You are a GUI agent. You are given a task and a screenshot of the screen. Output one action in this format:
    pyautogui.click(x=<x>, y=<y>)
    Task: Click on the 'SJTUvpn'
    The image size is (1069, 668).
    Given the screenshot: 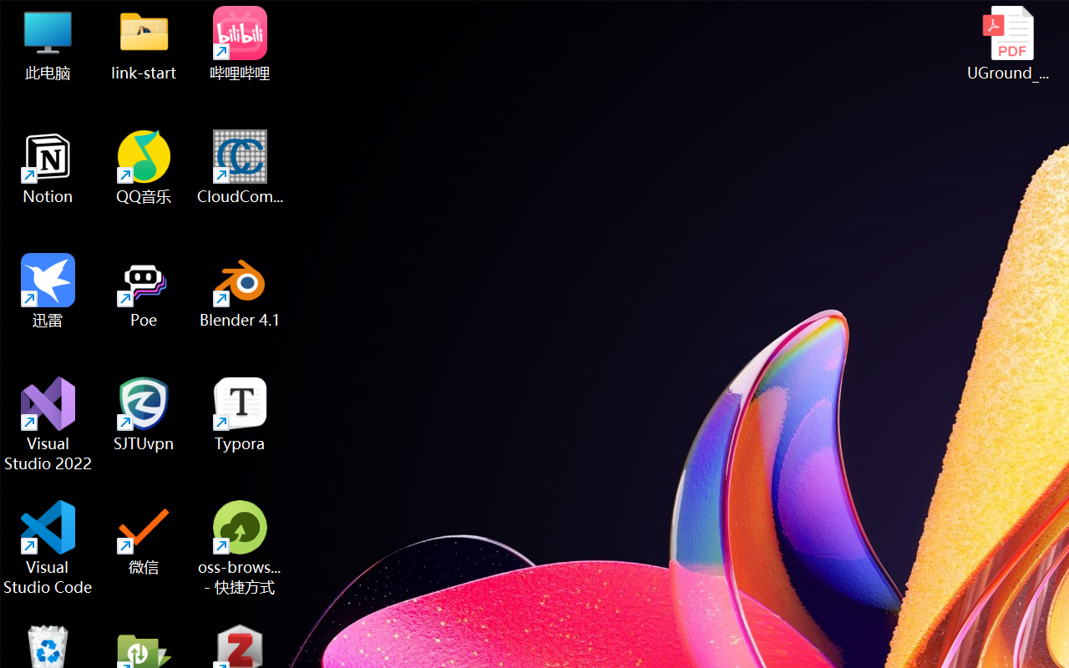 What is the action you would take?
    pyautogui.click(x=144, y=414)
    